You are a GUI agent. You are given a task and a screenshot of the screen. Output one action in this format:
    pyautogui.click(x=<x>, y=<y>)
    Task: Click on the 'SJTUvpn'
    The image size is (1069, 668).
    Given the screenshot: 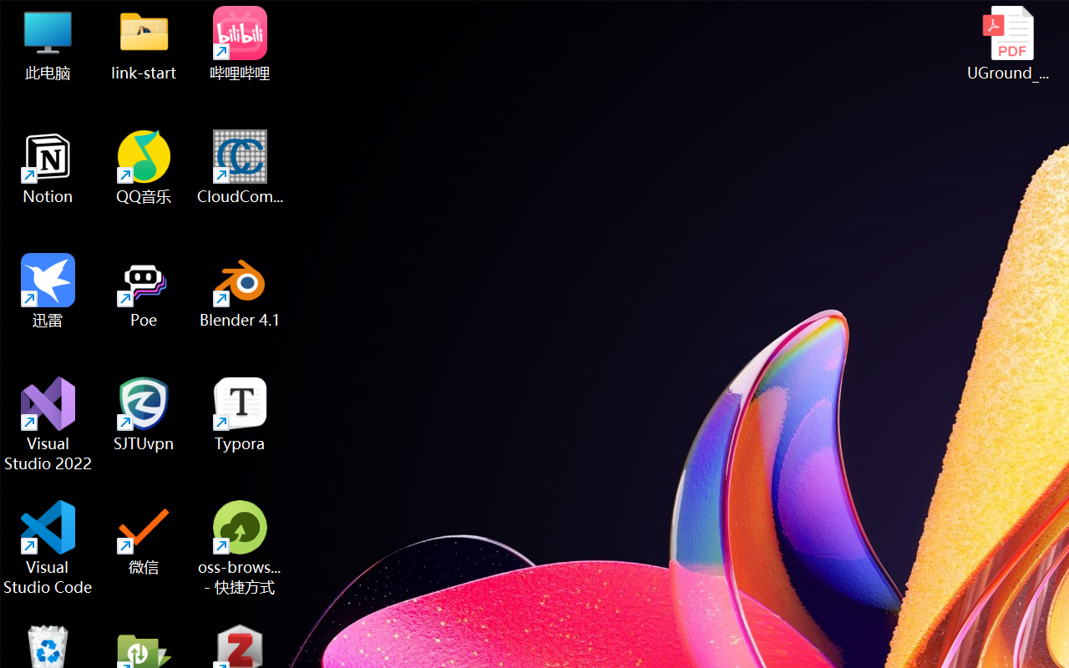 What is the action you would take?
    pyautogui.click(x=144, y=414)
    